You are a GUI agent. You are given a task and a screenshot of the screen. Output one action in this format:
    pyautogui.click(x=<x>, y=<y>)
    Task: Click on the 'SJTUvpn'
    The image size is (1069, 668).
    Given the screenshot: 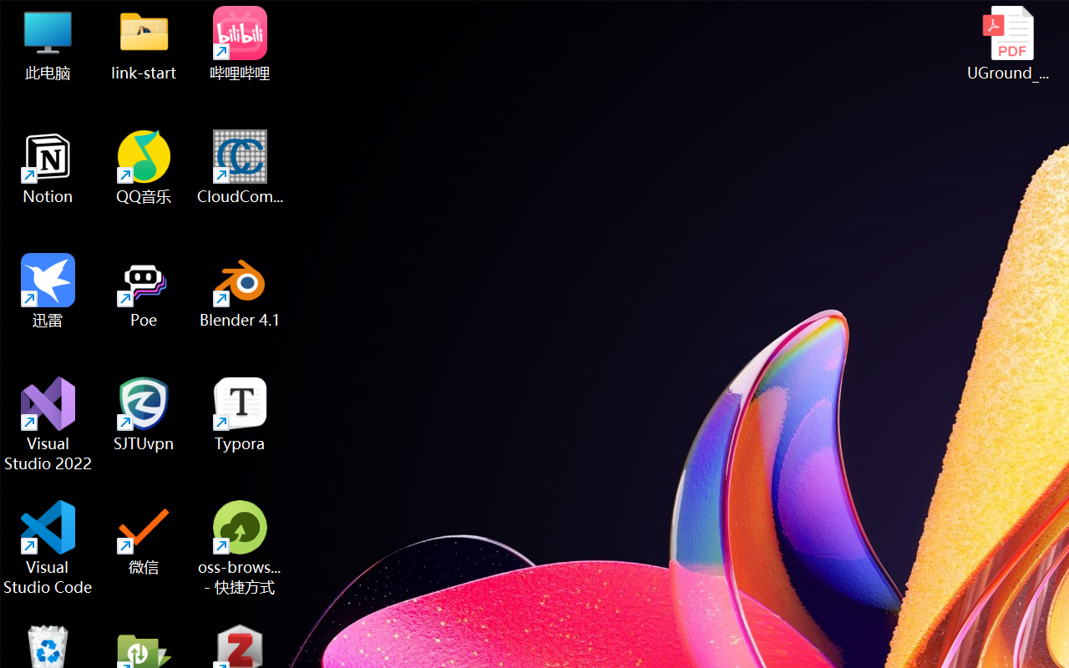 What is the action you would take?
    pyautogui.click(x=144, y=414)
    